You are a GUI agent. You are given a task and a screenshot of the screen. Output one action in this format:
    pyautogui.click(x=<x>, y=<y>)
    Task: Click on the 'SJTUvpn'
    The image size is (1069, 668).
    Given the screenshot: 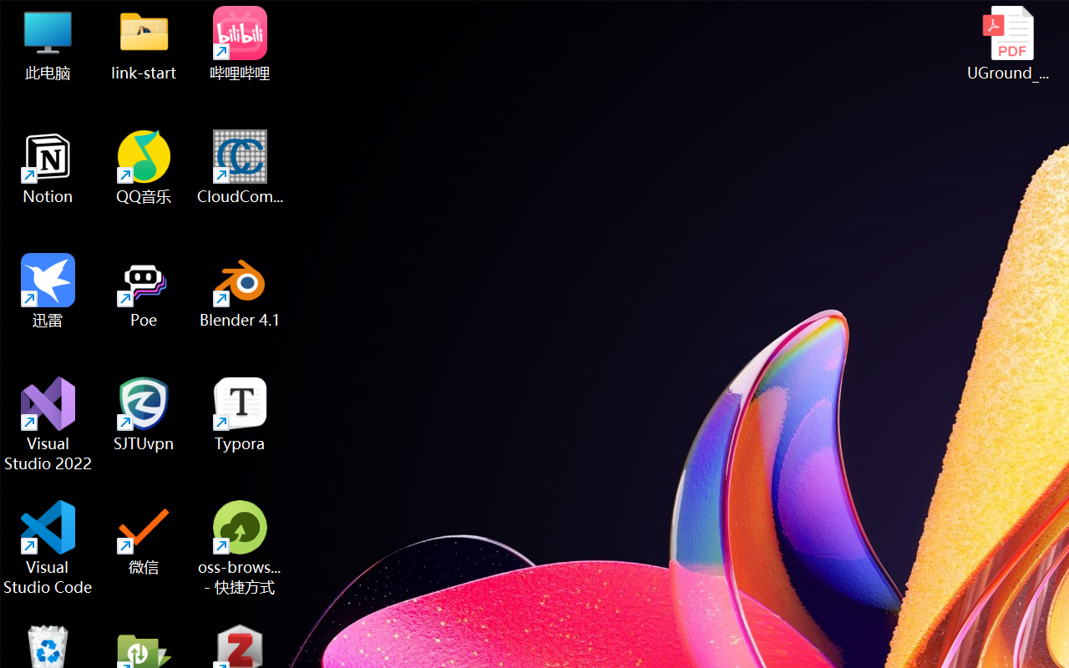 What is the action you would take?
    pyautogui.click(x=144, y=414)
    